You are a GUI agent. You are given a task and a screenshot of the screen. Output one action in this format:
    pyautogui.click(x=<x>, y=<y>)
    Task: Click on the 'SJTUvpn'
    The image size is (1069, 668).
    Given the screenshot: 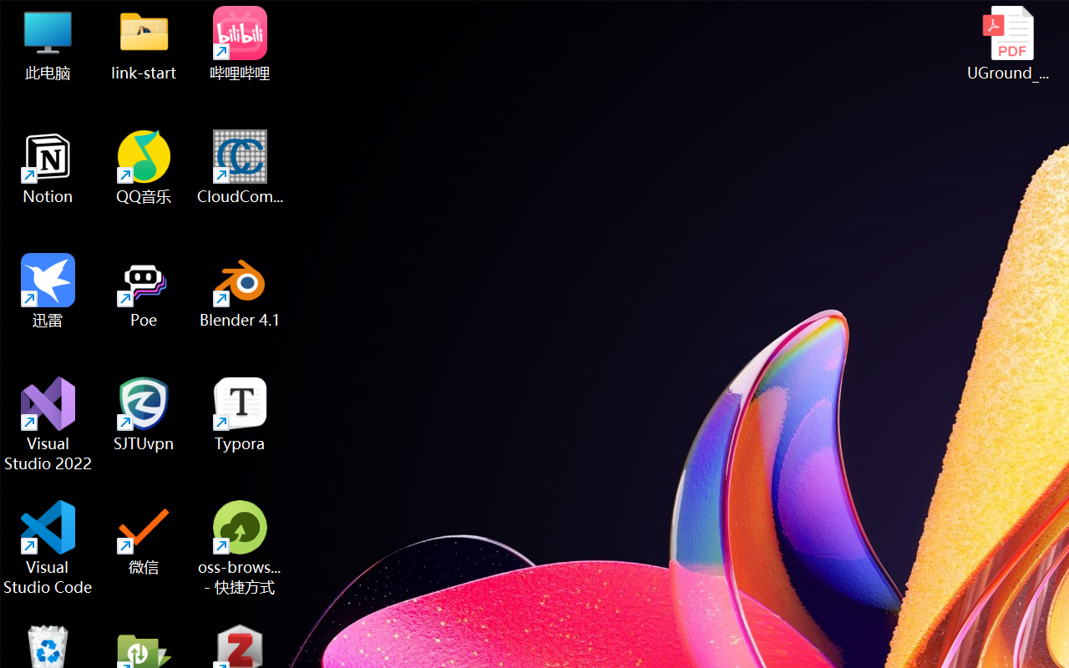 What is the action you would take?
    pyautogui.click(x=144, y=414)
    